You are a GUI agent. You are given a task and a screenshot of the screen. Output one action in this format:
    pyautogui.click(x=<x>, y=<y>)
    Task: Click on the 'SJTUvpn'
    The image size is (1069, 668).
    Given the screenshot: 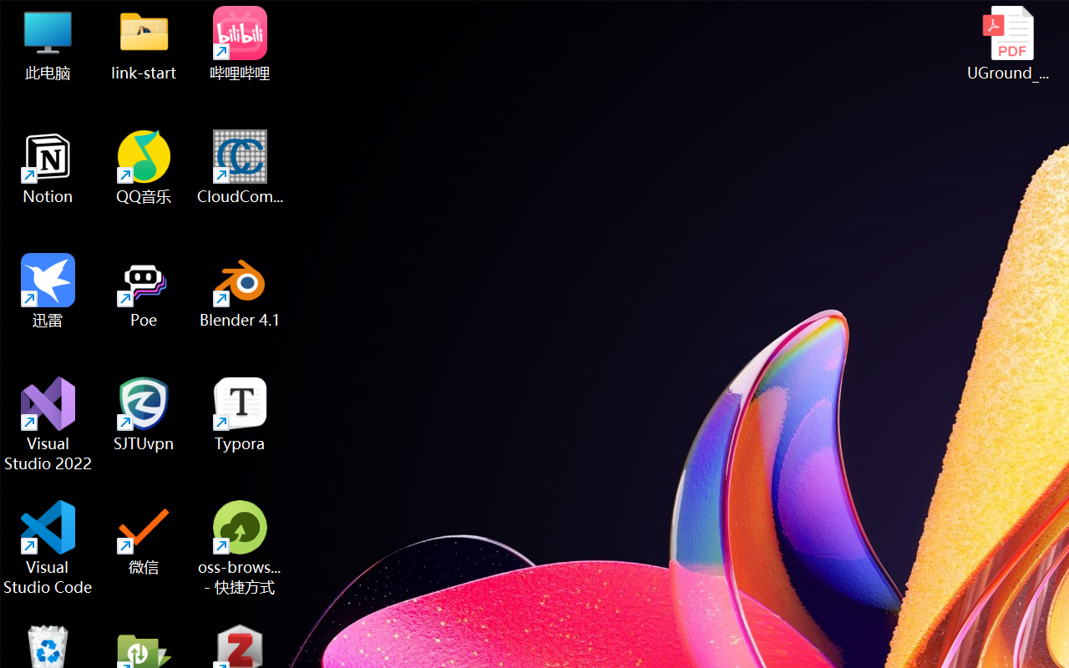 What is the action you would take?
    pyautogui.click(x=144, y=414)
    